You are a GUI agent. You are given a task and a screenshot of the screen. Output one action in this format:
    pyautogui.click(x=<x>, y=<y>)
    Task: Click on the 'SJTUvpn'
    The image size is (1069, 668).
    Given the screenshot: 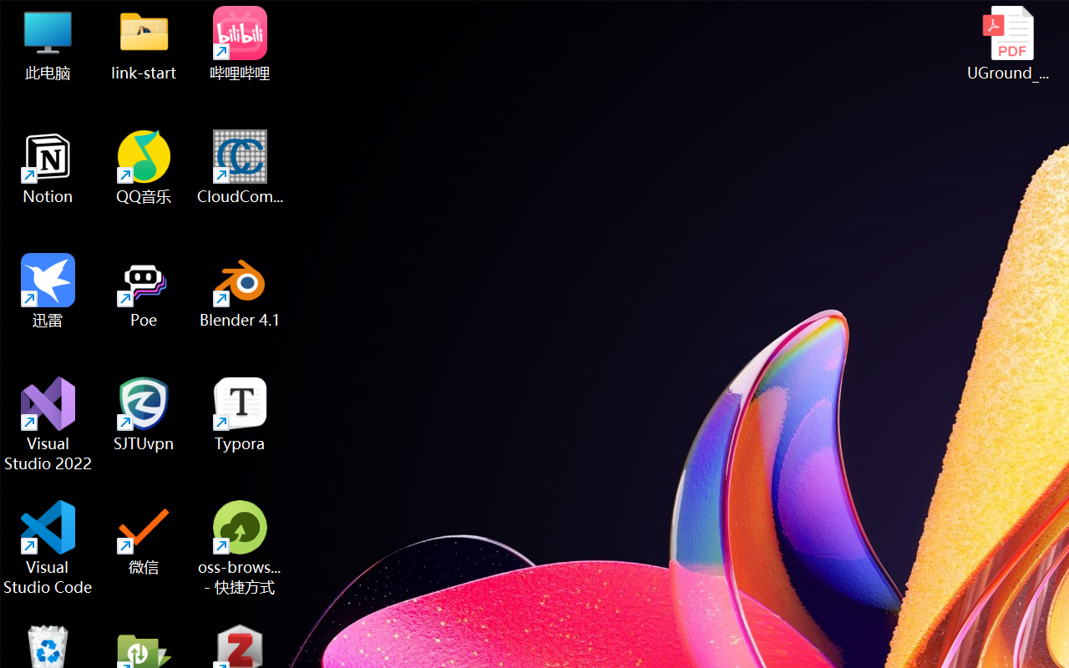 What is the action you would take?
    pyautogui.click(x=144, y=414)
    